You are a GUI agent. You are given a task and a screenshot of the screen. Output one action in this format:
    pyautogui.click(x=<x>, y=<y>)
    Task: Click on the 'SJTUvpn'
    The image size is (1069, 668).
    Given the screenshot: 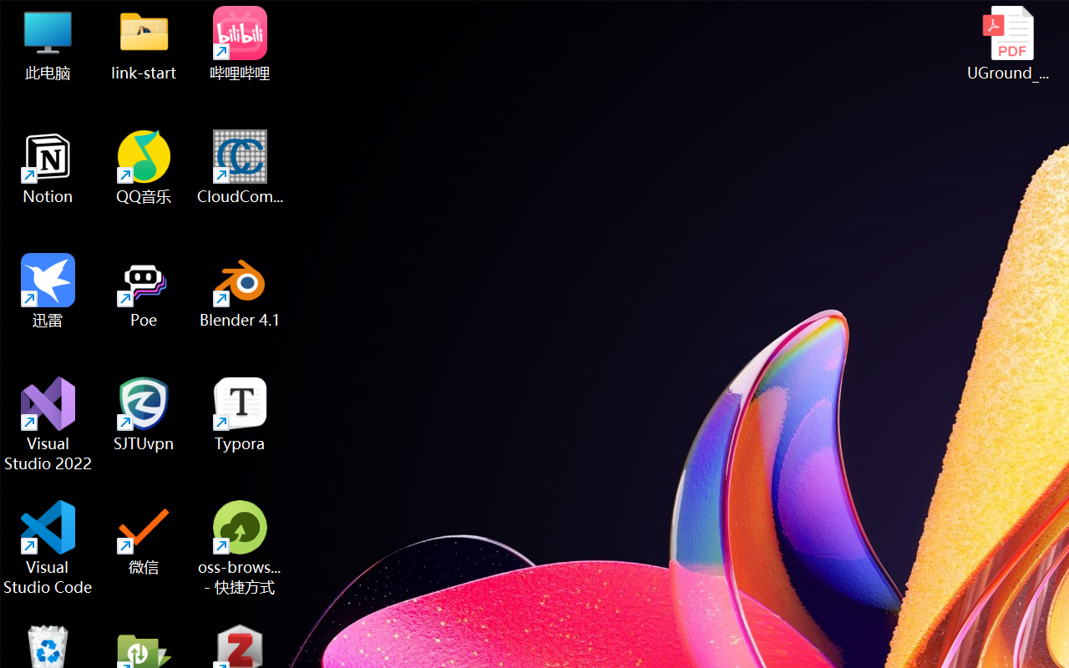 What is the action you would take?
    pyautogui.click(x=144, y=414)
    